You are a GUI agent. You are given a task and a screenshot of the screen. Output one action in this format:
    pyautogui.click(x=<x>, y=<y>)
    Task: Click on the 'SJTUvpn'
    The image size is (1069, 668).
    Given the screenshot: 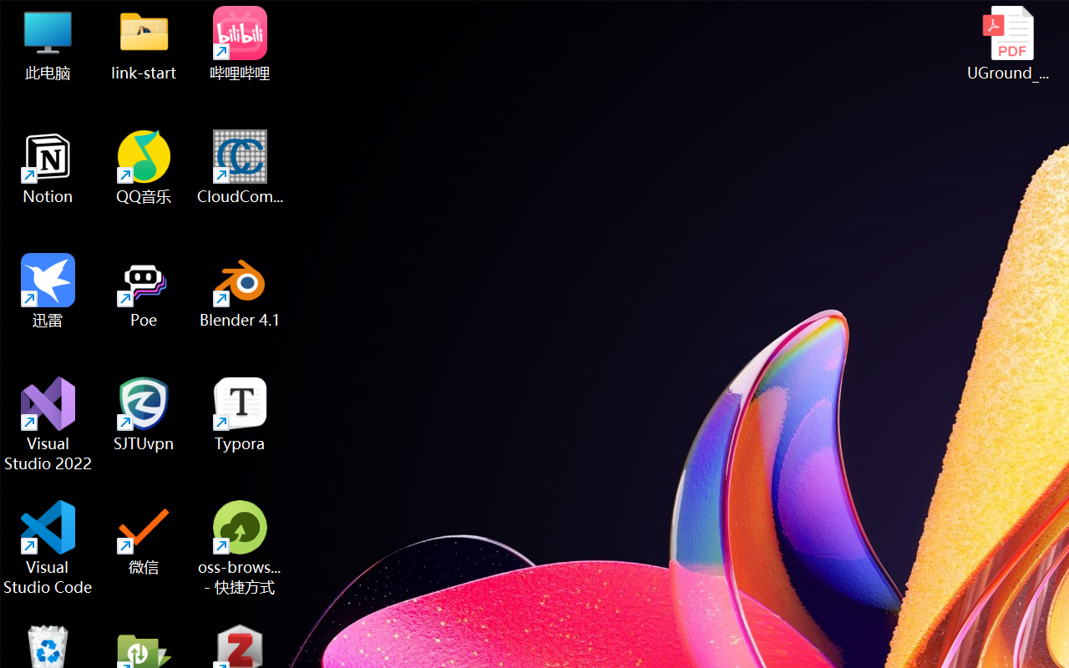 What is the action you would take?
    pyautogui.click(x=144, y=414)
    